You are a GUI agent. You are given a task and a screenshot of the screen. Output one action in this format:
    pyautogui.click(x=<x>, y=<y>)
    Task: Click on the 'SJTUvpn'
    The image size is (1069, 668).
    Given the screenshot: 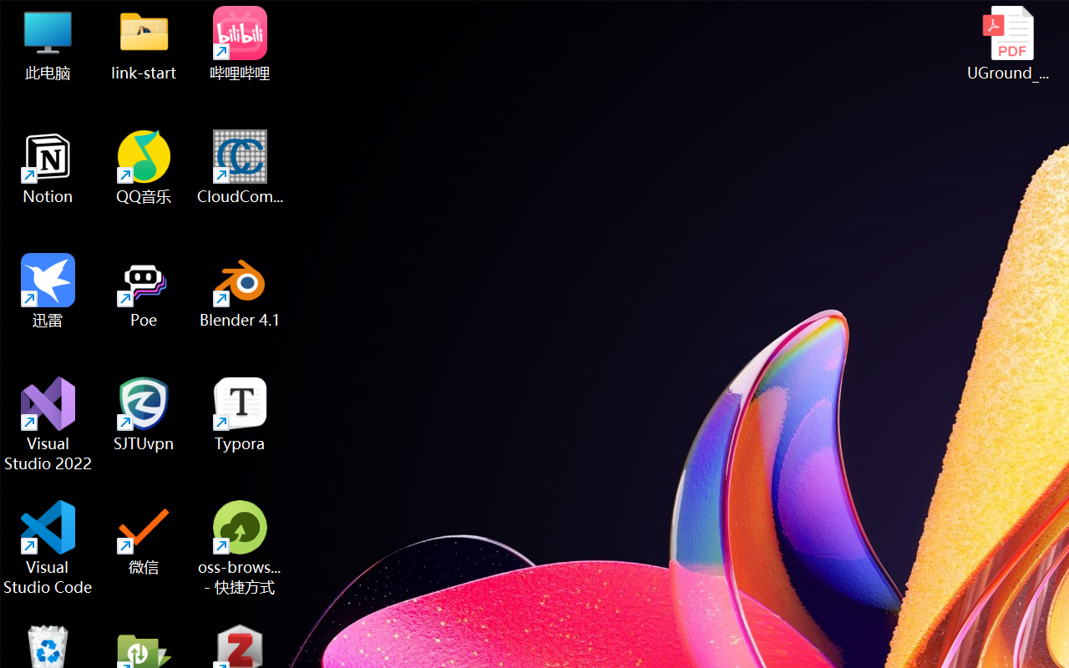 What is the action you would take?
    pyautogui.click(x=144, y=414)
    